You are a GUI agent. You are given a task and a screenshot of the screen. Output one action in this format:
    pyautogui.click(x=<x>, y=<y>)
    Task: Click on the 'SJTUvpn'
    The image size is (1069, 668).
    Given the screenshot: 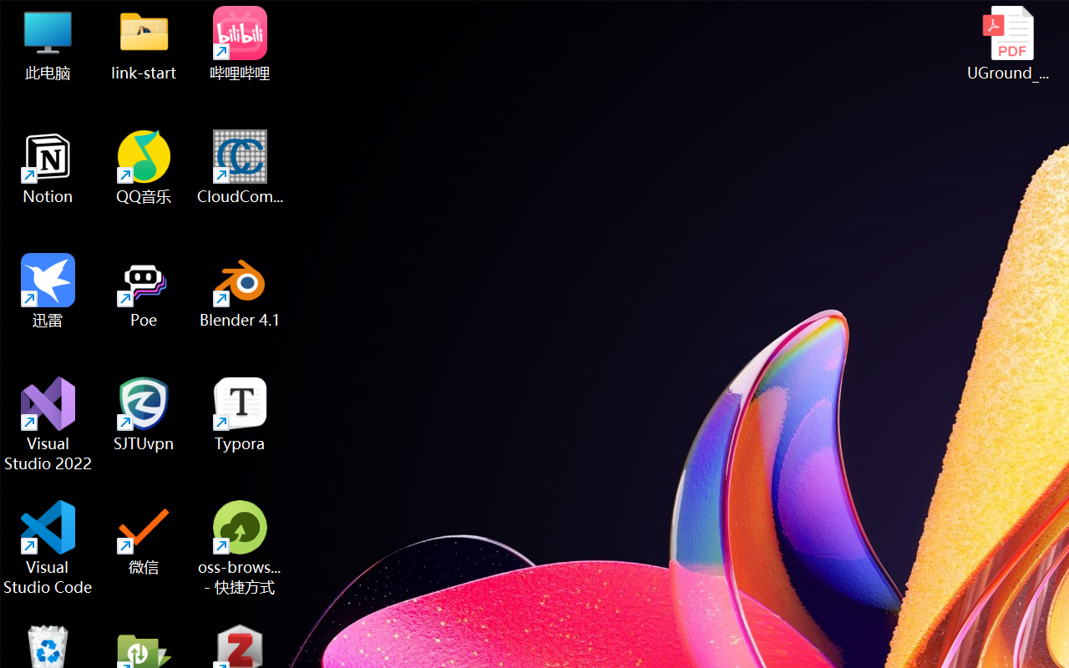 What is the action you would take?
    pyautogui.click(x=144, y=414)
    